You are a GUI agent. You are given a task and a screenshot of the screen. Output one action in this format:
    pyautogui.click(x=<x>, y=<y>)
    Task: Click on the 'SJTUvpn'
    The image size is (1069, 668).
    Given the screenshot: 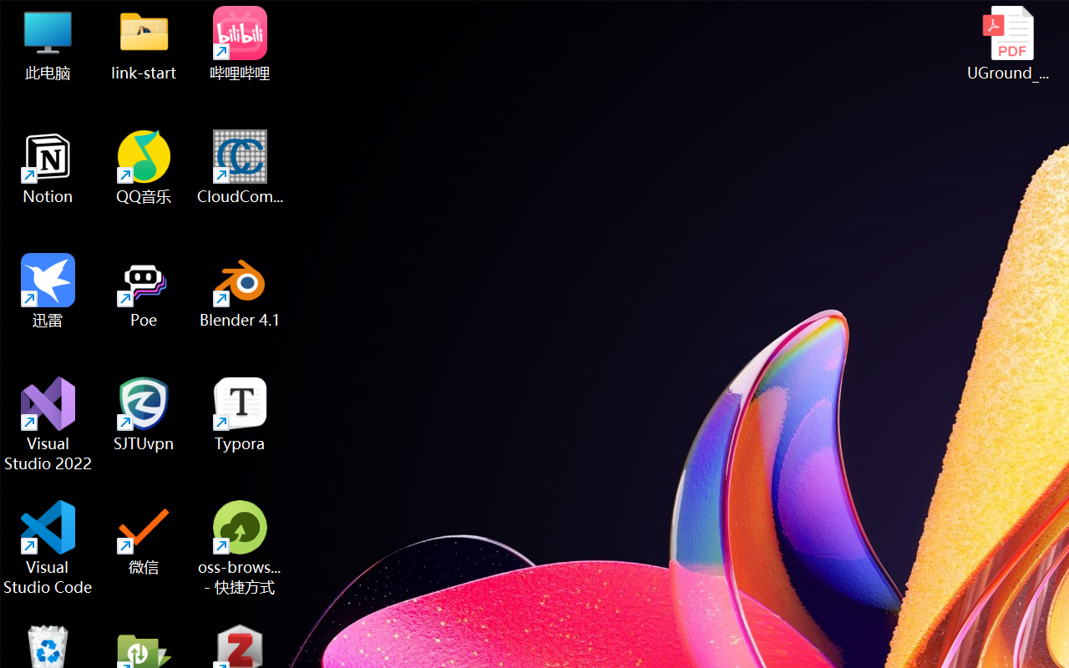 What is the action you would take?
    pyautogui.click(x=144, y=414)
    